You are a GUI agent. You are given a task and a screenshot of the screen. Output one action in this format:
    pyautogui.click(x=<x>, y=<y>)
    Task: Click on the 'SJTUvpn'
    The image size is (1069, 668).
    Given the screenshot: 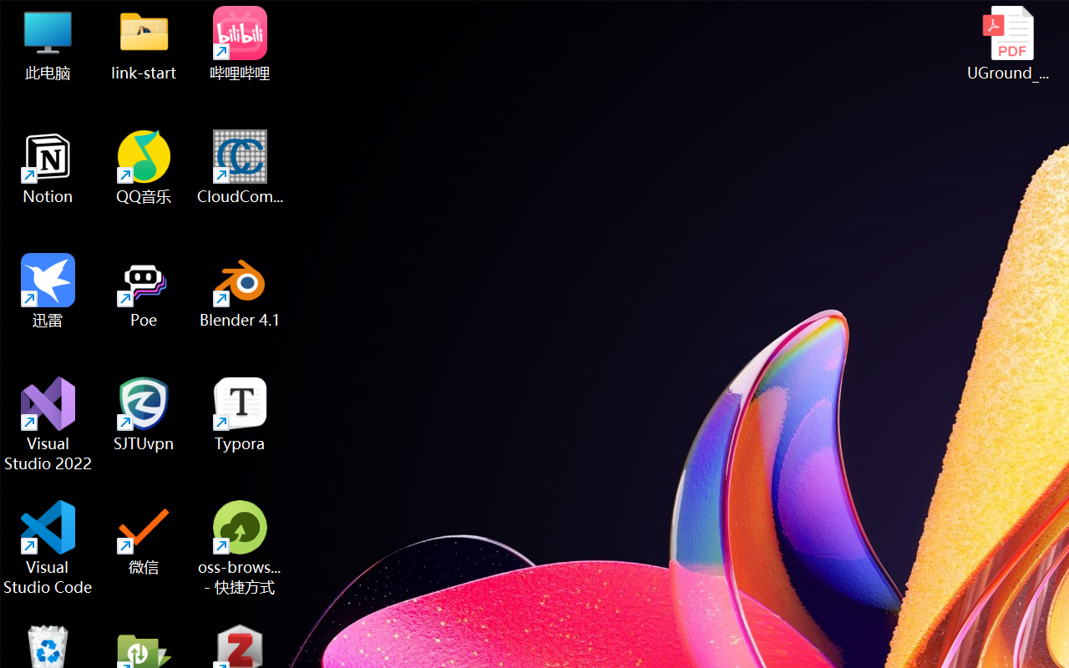 What is the action you would take?
    pyautogui.click(x=144, y=414)
    